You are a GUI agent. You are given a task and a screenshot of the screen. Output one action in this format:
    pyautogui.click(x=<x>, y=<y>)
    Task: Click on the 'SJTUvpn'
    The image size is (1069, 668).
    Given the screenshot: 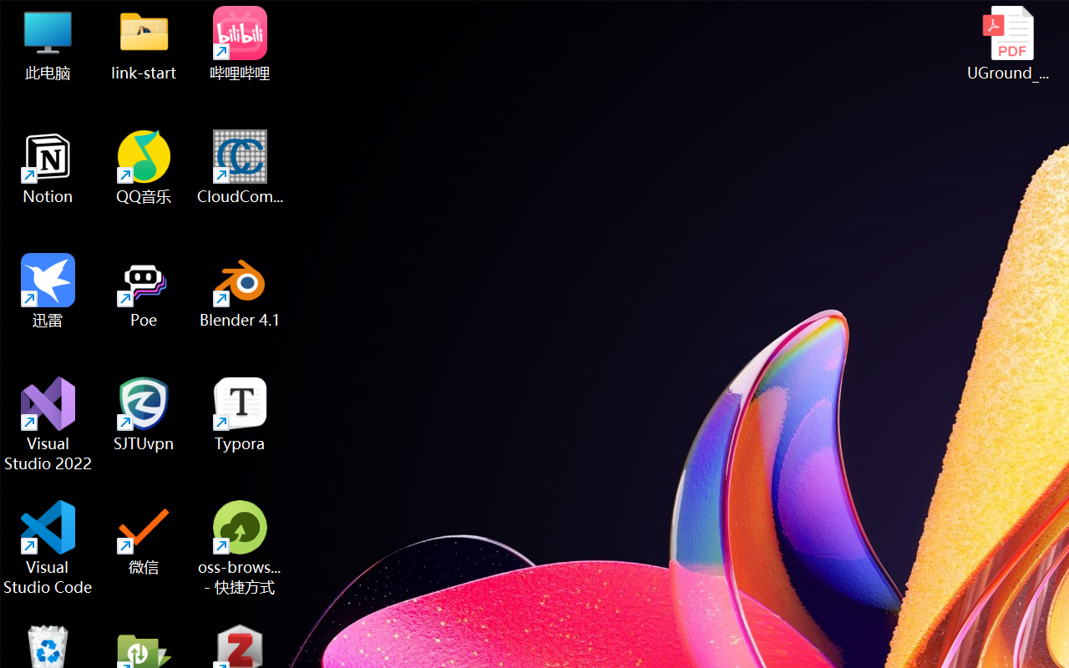 What is the action you would take?
    pyautogui.click(x=144, y=414)
    